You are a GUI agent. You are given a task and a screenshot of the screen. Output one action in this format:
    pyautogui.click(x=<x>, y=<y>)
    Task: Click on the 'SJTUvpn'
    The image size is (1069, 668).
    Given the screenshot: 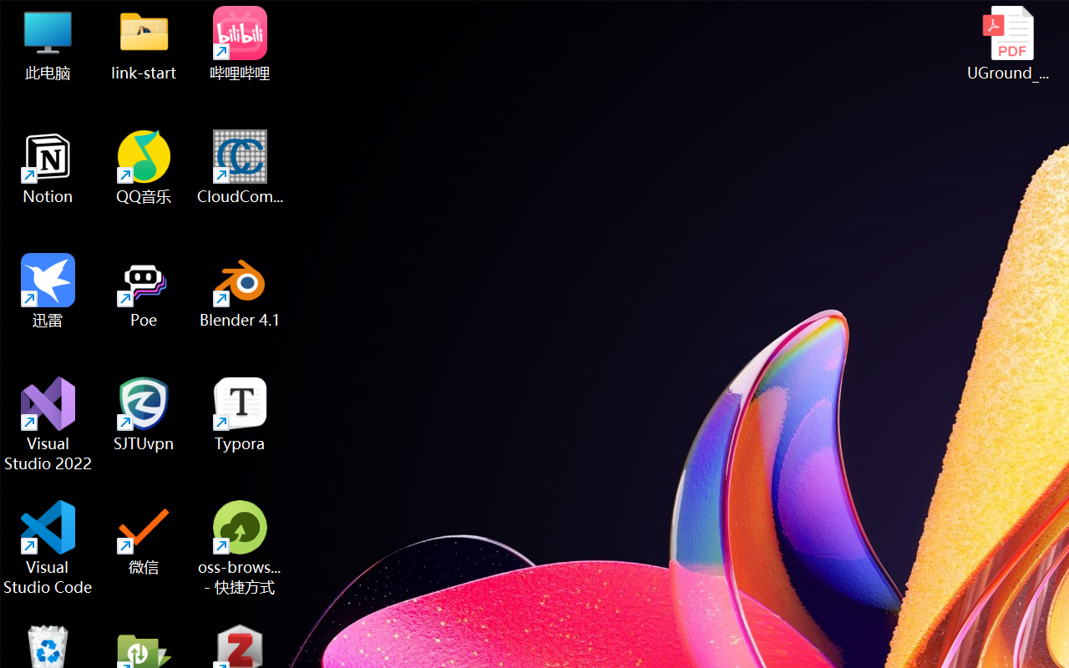 What is the action you would take?
    pyautogui.click(x=144, y=414)
    